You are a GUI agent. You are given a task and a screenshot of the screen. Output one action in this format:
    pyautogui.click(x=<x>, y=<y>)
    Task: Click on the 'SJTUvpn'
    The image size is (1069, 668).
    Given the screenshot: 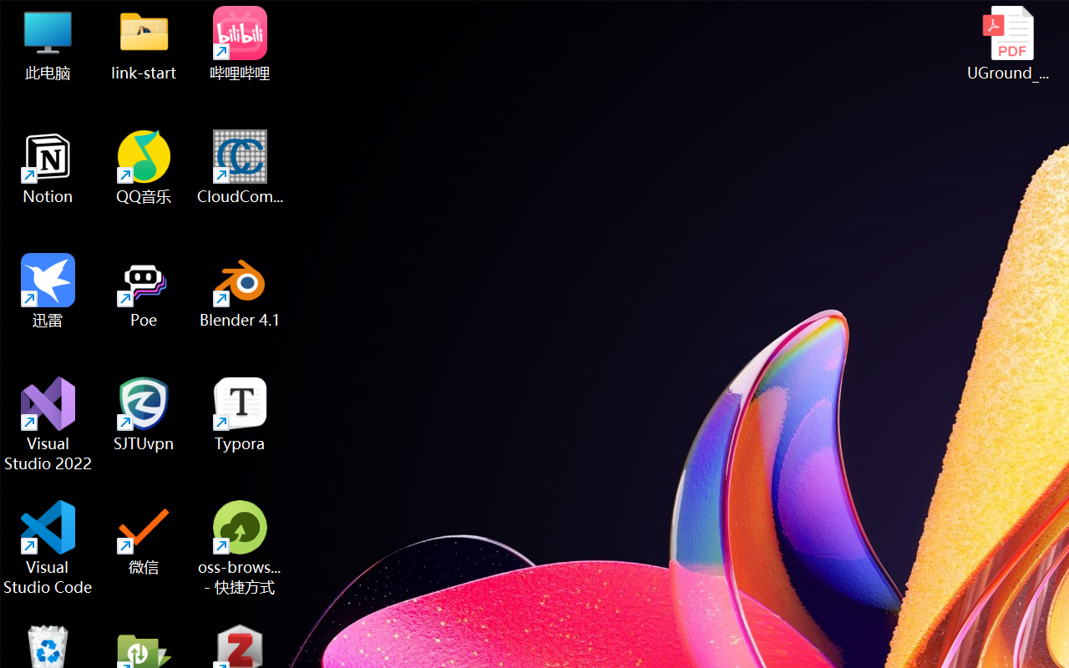 What is the action you would take?
    pyautogui.click(x=144, y=414)
    